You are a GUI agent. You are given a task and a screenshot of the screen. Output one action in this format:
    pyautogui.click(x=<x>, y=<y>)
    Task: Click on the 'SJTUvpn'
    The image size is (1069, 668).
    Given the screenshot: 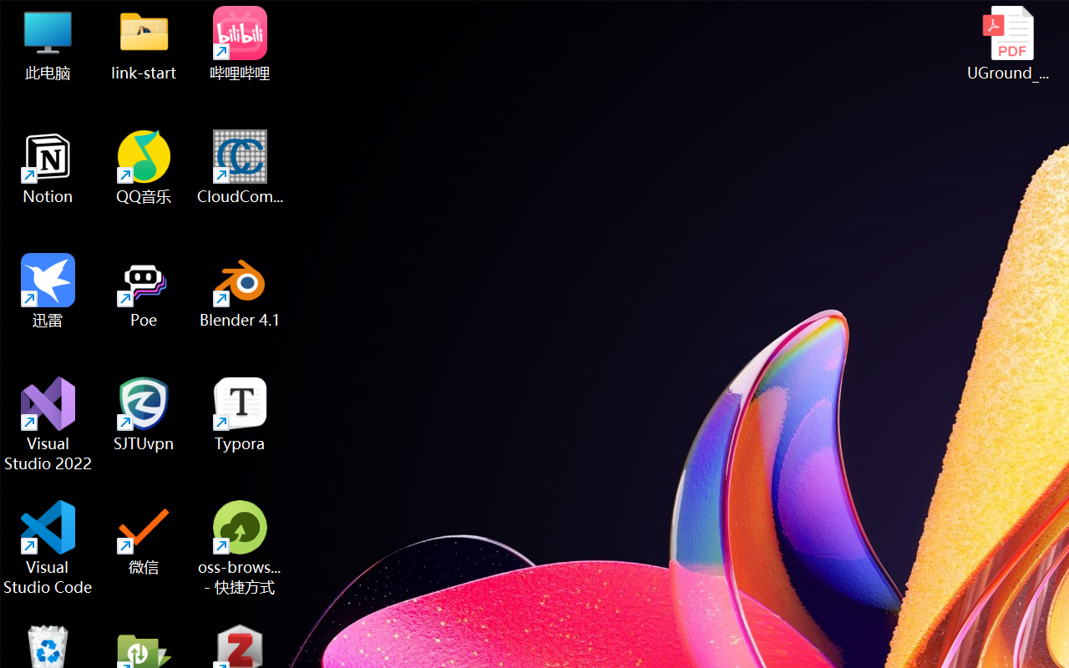 What is the action you would take?
    pyautogui.click(x=144, y=414)
    